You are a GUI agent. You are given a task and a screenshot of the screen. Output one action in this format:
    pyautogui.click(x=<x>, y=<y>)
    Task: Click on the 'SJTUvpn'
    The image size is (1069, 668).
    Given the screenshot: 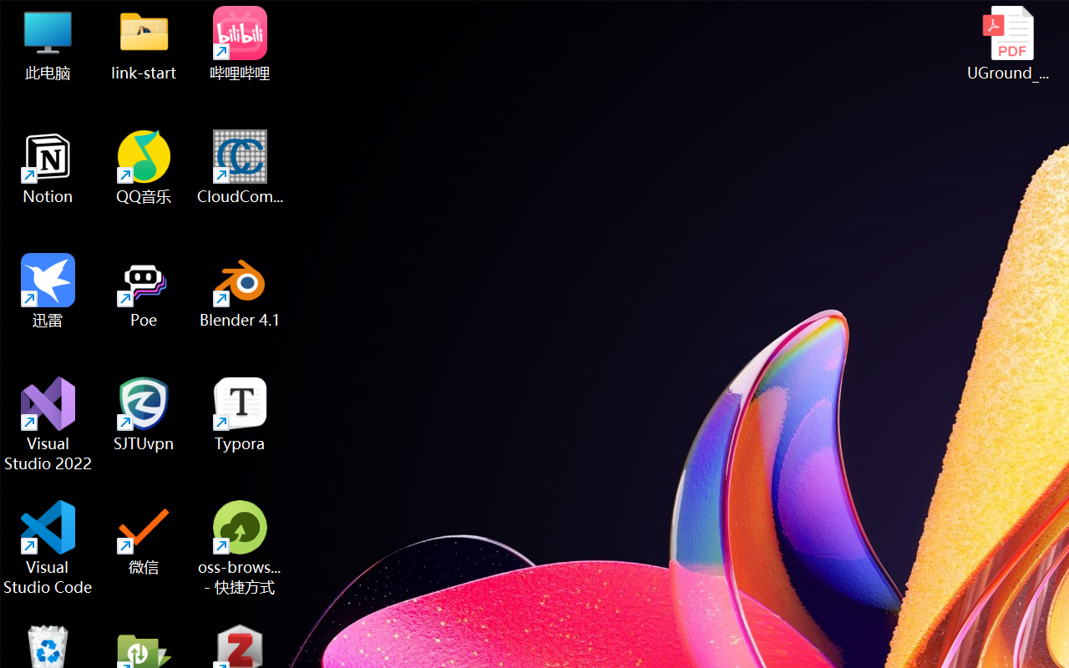 What is the action you would take?
    pyautogui.click(x=144, y=414)
    